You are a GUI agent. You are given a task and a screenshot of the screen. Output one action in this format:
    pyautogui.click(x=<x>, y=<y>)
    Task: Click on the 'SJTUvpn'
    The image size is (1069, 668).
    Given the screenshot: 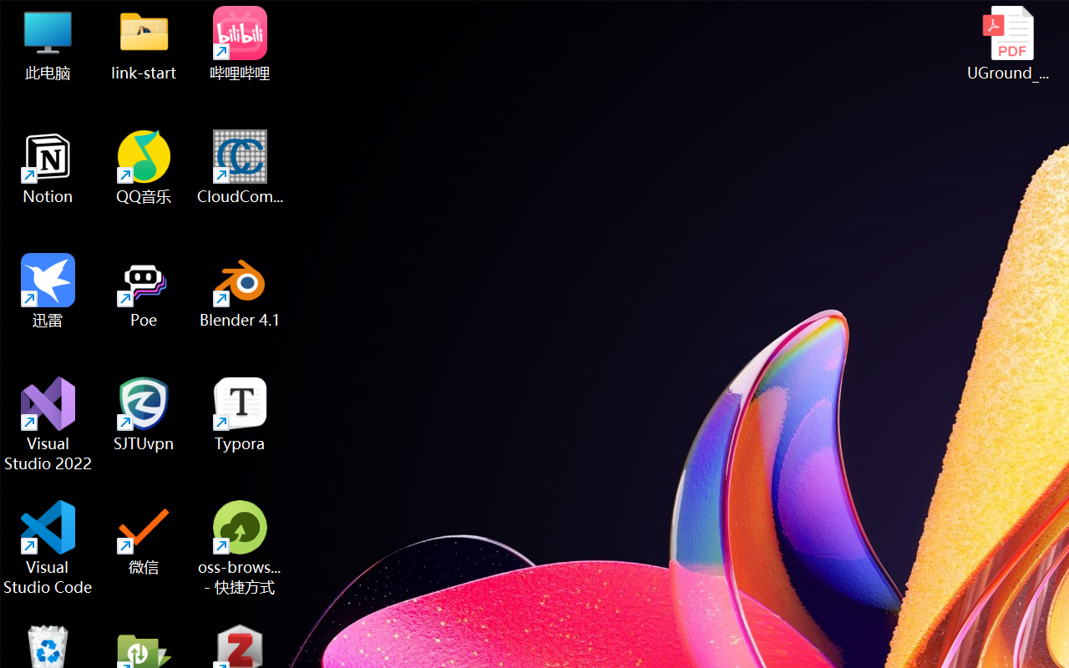 What is the action you would take?
    pyautogui.click(x=144, y=414)
    